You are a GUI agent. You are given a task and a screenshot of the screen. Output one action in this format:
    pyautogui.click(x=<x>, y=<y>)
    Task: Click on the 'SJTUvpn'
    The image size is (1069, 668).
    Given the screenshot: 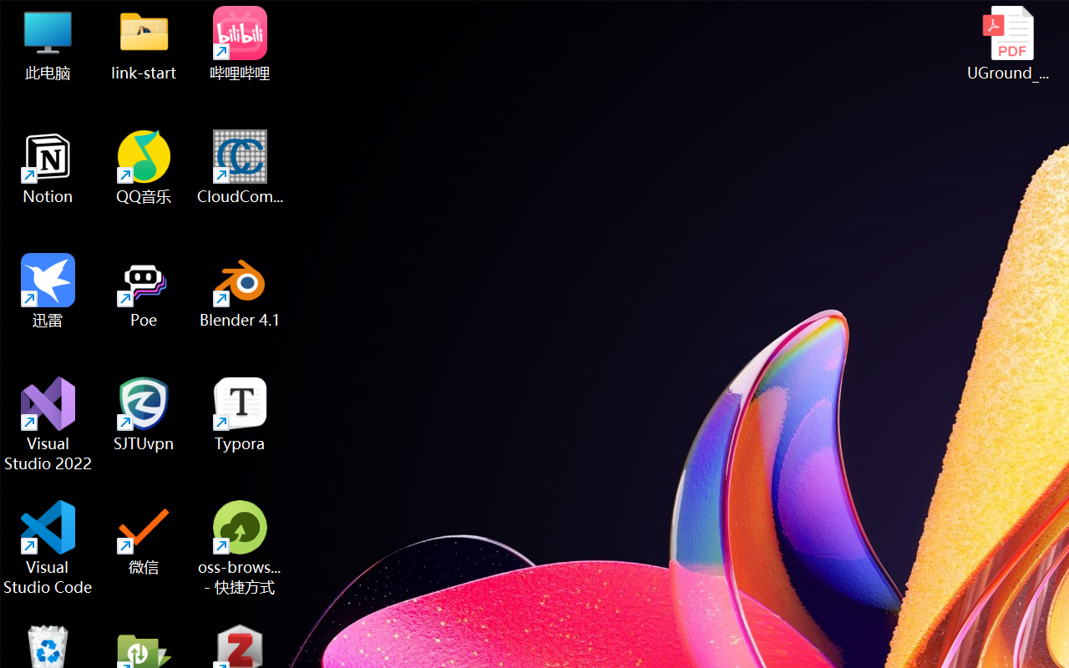 What is the action you would take?
    pyautogui.click(x=144, y=414)
    